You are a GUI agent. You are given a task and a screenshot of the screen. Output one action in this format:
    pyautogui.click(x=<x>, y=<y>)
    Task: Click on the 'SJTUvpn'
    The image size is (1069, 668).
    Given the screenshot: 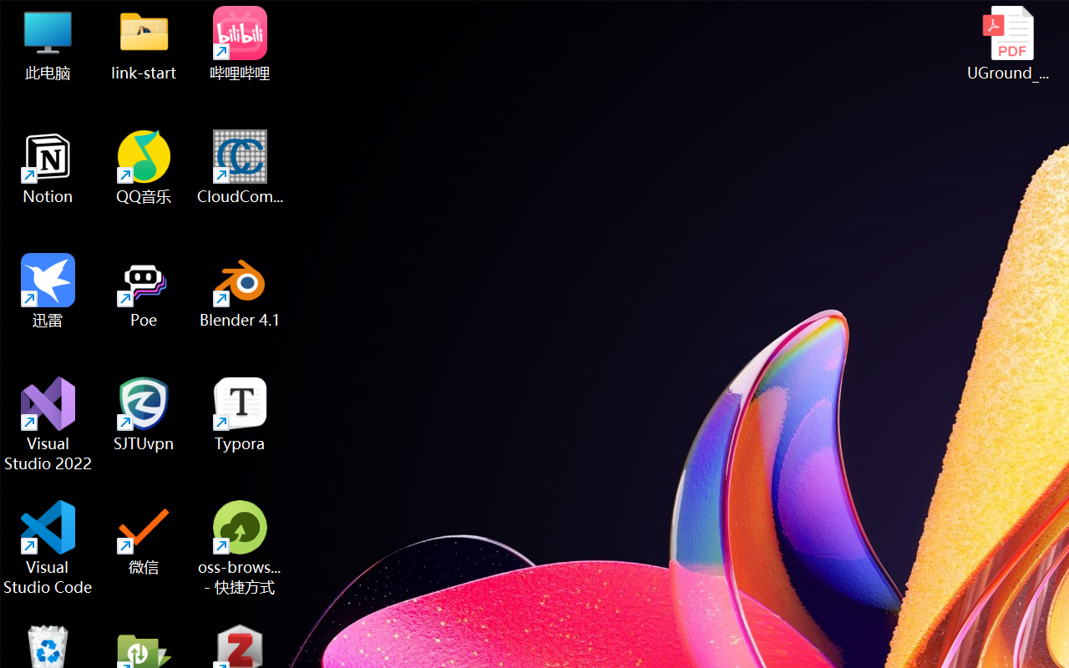 What is the action you would take?
    pyautogui.click(x=144, y=414)
    